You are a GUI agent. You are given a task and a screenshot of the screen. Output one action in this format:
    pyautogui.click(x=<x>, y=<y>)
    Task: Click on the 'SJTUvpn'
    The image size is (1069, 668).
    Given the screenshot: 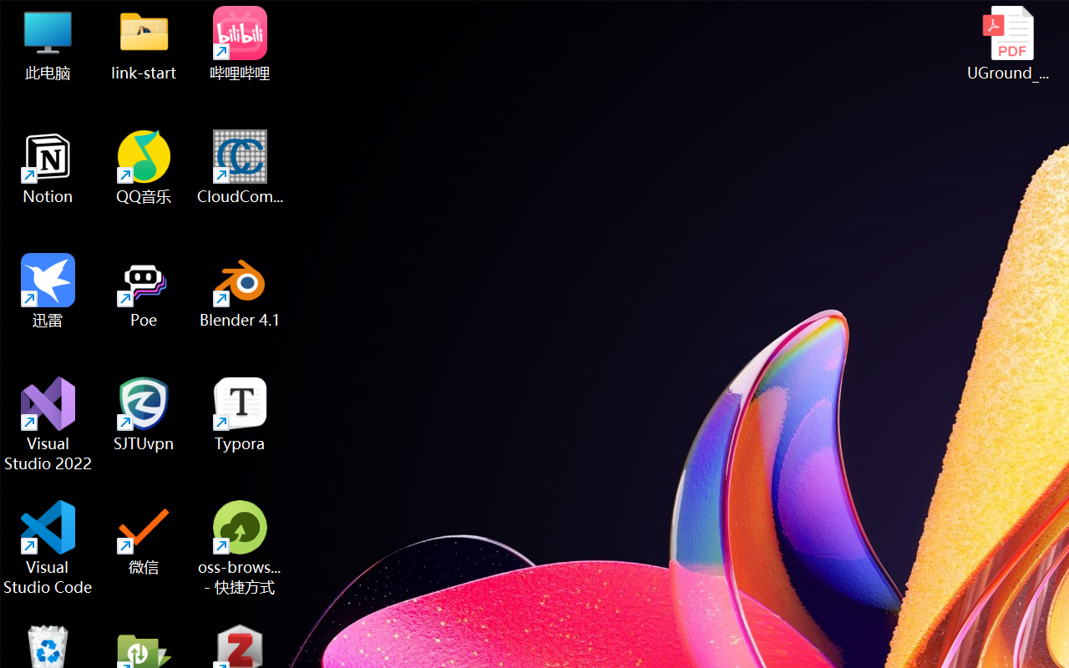 What is the action you would take?
    pyautogui.click(x=144, y=414)
    